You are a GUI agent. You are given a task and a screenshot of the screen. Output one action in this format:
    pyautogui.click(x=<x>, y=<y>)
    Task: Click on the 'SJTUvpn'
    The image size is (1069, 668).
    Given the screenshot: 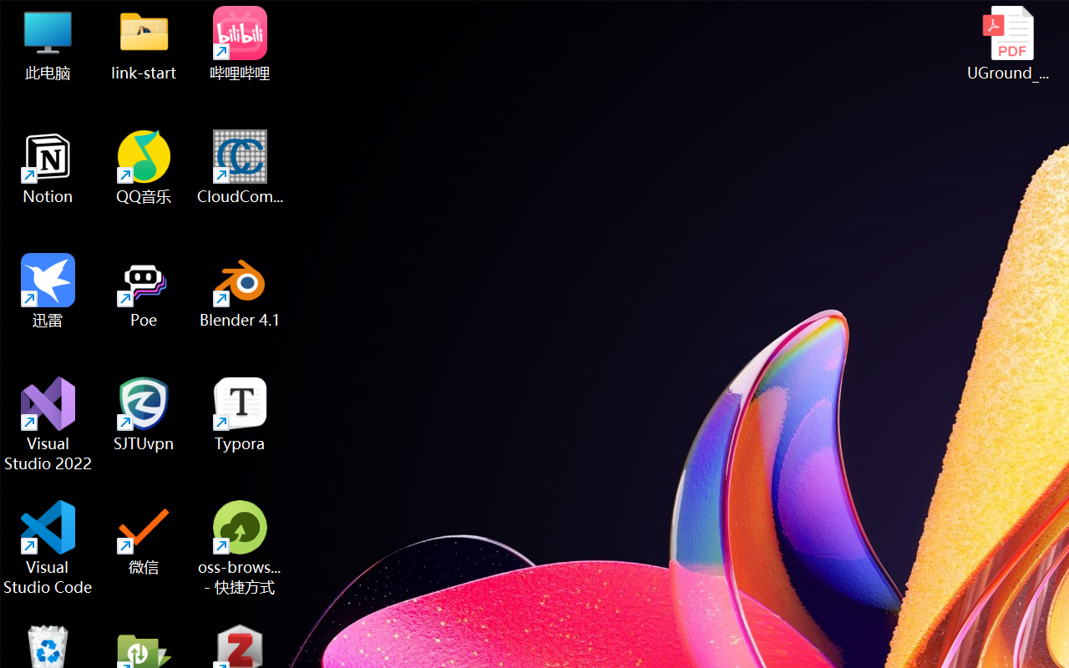 What is the action you would take?
    pyautogui.click(x=144, y=414)
    